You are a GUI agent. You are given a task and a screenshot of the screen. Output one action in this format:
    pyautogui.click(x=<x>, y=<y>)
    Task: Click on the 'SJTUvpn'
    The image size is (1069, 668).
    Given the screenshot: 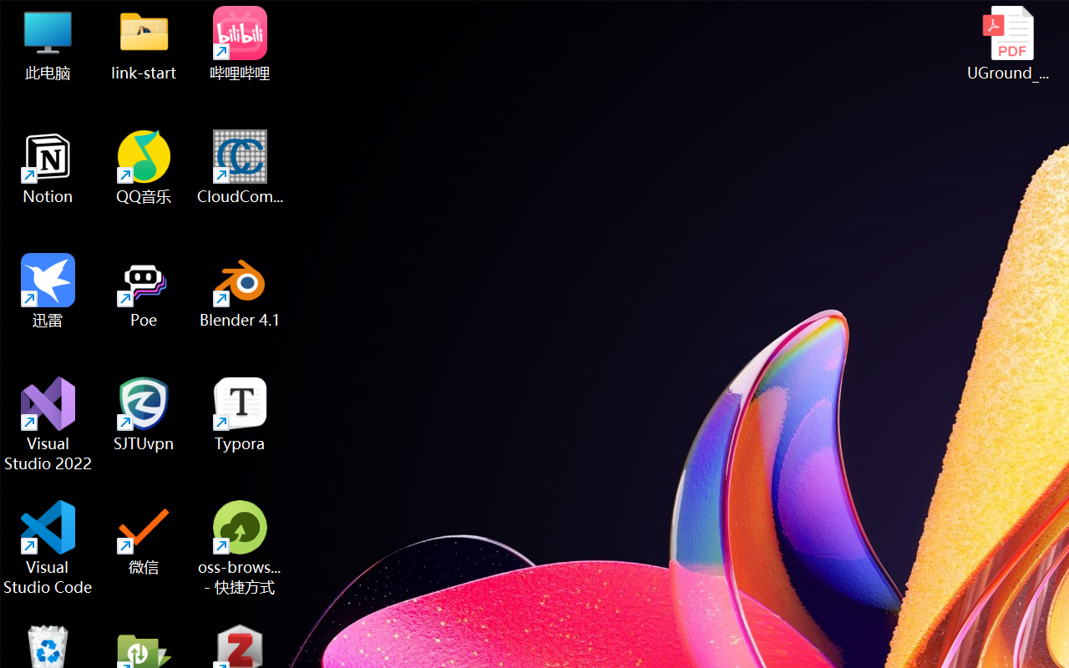 What is the action you would take?
    pyautogui.click(x=144, y=414)
    